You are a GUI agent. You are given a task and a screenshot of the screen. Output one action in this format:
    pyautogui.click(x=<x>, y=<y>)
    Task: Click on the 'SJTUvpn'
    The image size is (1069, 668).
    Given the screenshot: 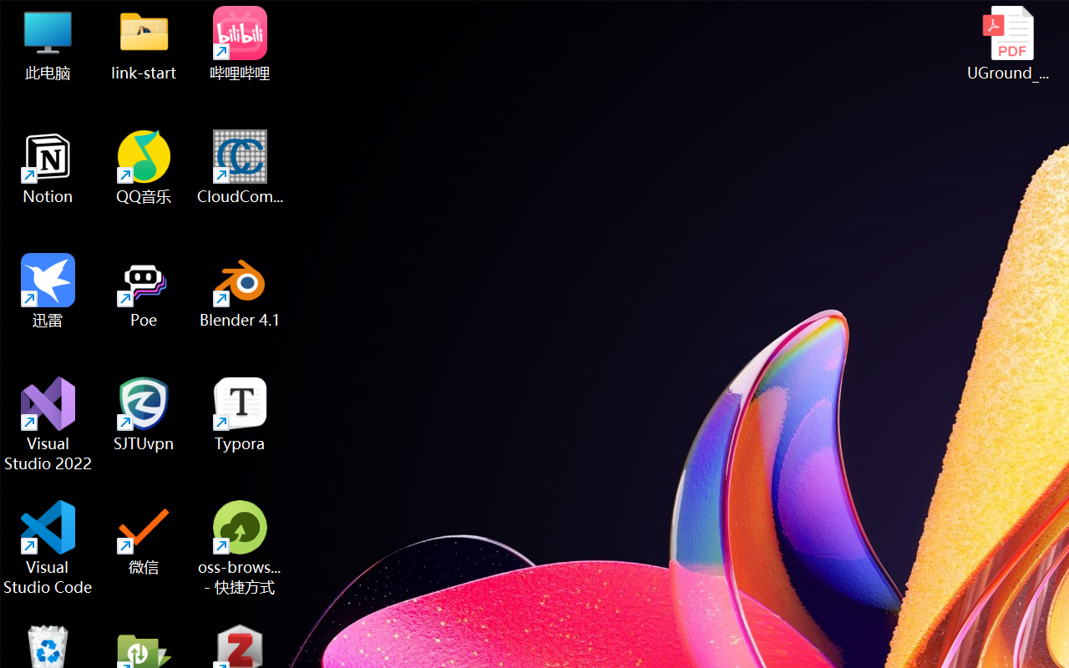 What is the action you would take?
    pyautogui.click(x=144, y=414)
    